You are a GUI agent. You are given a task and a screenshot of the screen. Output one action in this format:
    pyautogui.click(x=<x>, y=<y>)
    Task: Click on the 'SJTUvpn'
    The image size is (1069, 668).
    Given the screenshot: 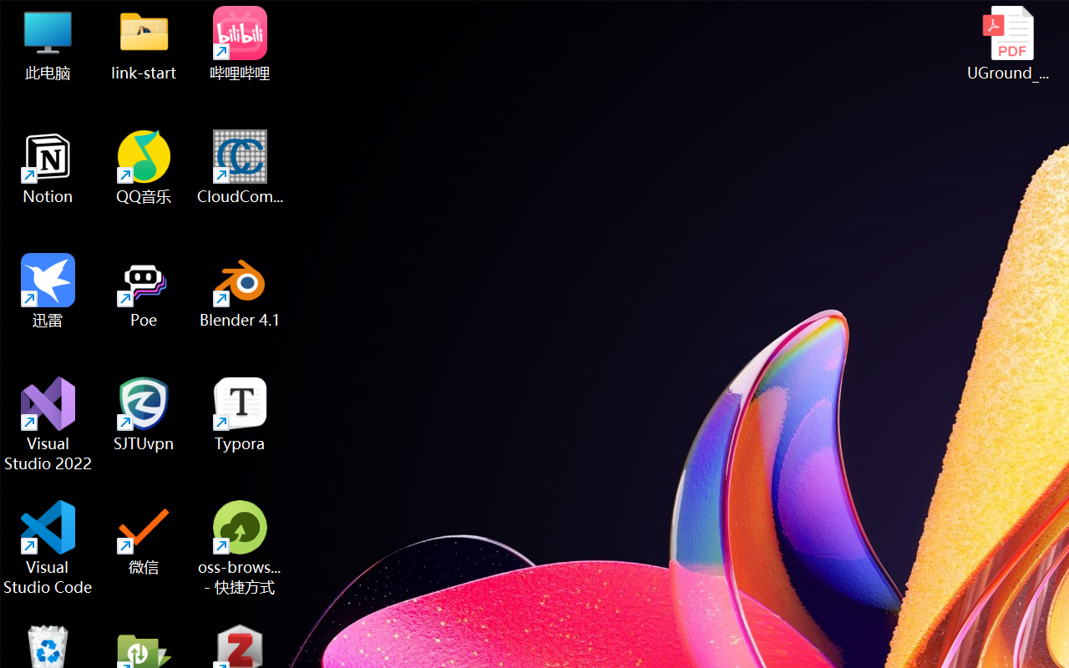 What is the action you would take?
    pyautogui.click(x=144, y=414)
    